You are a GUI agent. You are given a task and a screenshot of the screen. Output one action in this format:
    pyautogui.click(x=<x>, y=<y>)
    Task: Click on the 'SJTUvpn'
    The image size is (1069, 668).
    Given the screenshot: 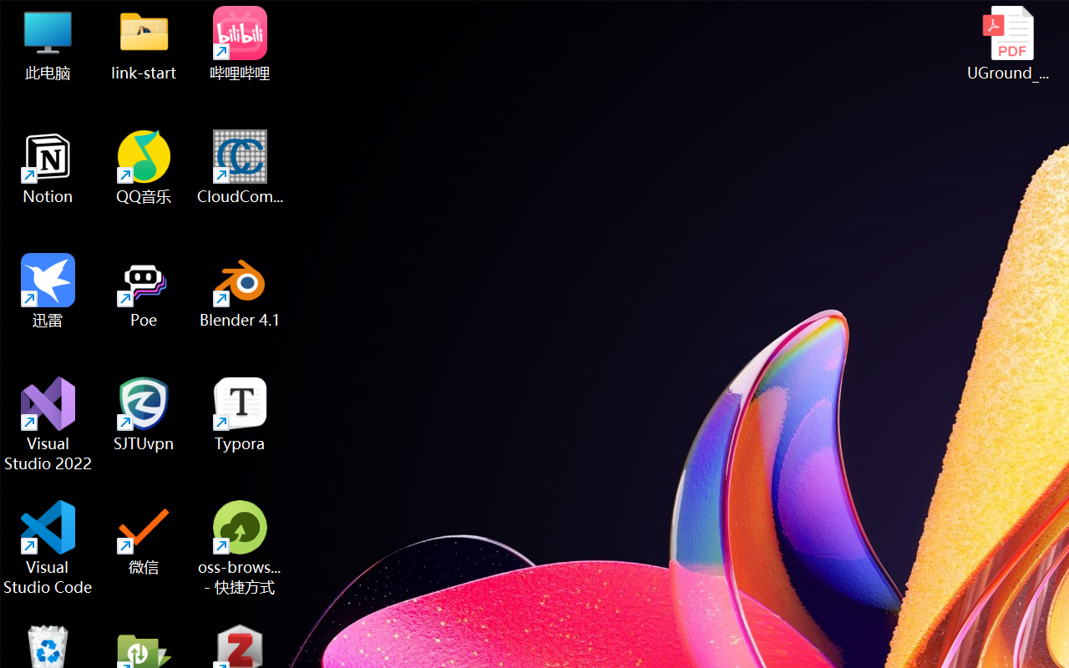 What is the action you would take?
    pyautogui.click(x=144, y=414)
    